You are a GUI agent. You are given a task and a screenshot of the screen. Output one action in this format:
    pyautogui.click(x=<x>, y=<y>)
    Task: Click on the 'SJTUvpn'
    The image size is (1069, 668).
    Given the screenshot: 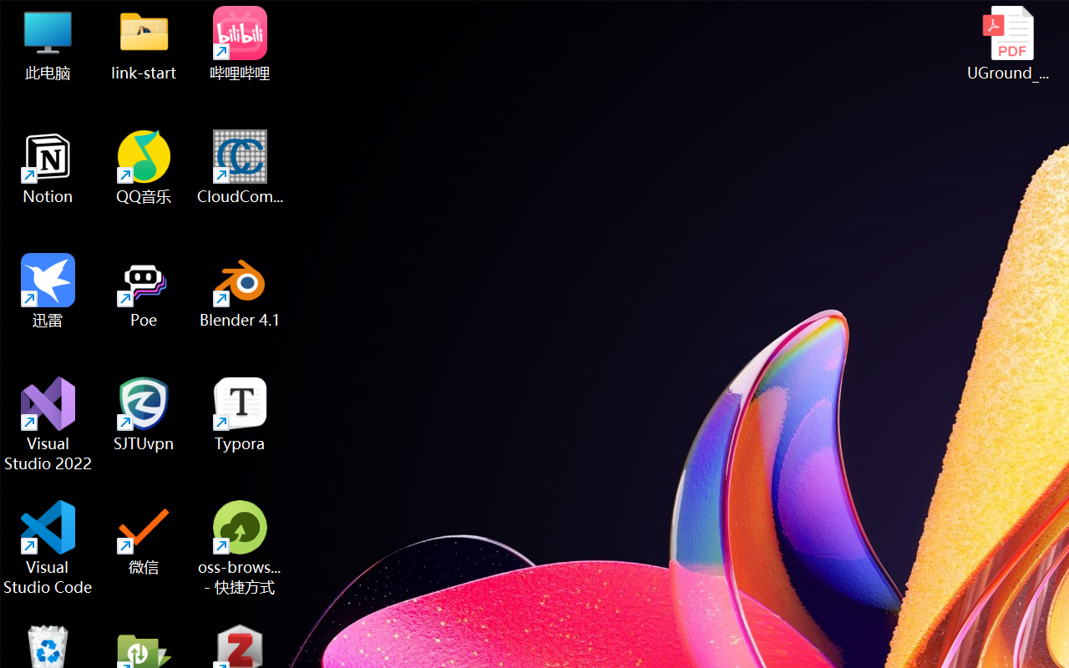 What is the action you would take?
    pyautogui.click(x=144, y=414)
    